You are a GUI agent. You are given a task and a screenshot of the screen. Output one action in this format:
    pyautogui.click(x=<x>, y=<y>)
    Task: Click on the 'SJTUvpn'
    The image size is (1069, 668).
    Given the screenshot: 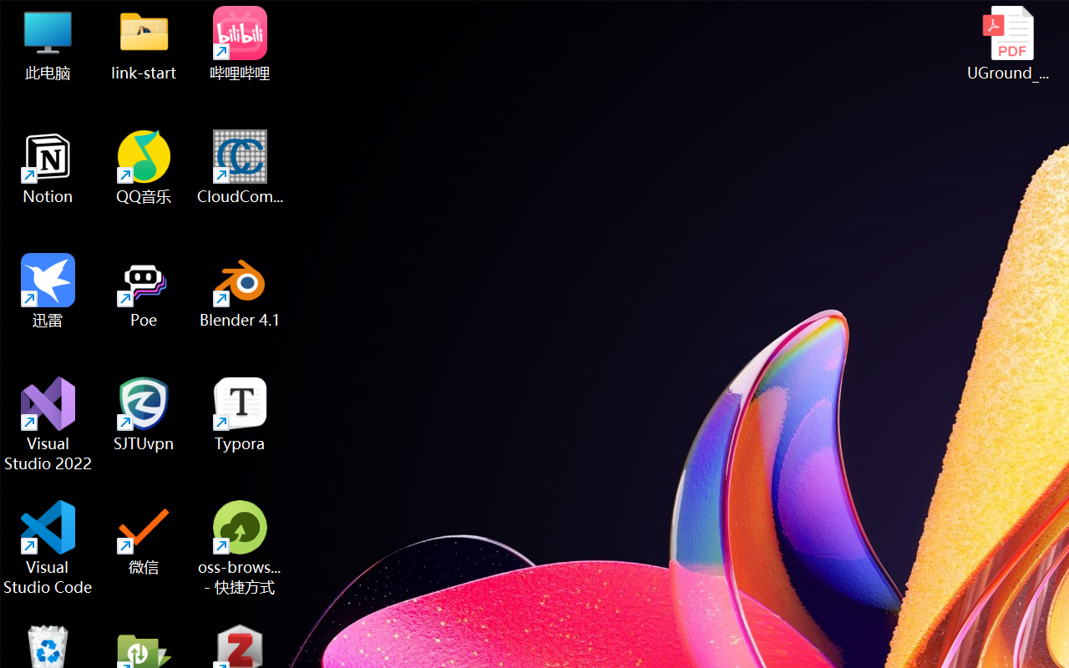 What is the action you would take?
    pyautogui.click(x=144, y=414)
    